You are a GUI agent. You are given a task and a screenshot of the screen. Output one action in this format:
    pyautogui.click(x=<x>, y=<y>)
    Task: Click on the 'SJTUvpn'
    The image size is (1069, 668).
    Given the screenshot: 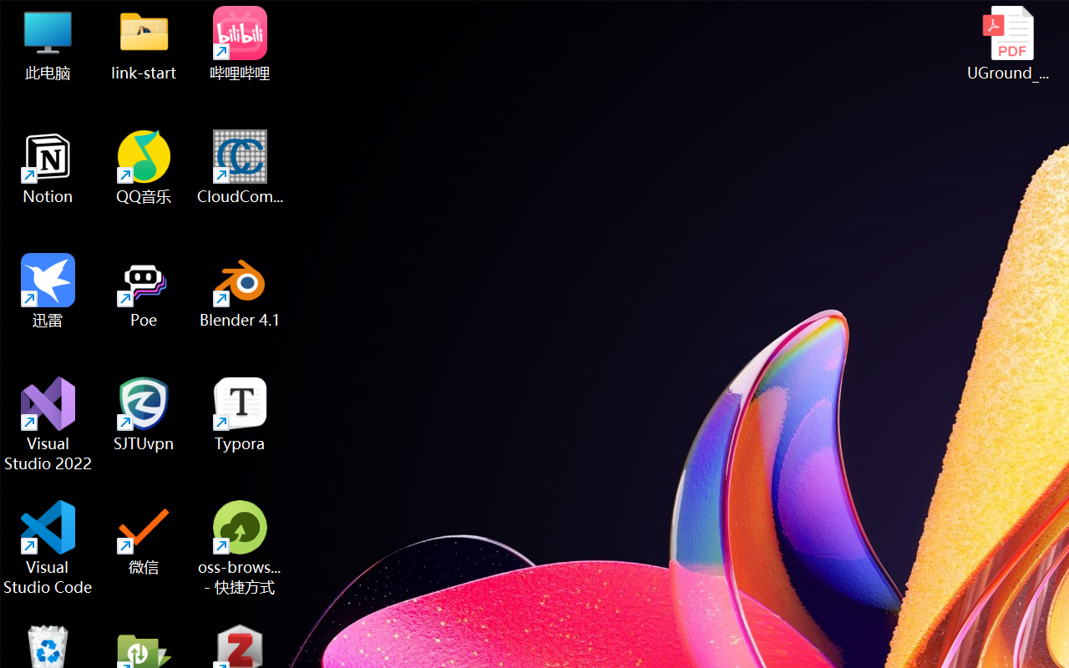 What is the action you would take?
    pyautogui.click(x=144, y=414)
    